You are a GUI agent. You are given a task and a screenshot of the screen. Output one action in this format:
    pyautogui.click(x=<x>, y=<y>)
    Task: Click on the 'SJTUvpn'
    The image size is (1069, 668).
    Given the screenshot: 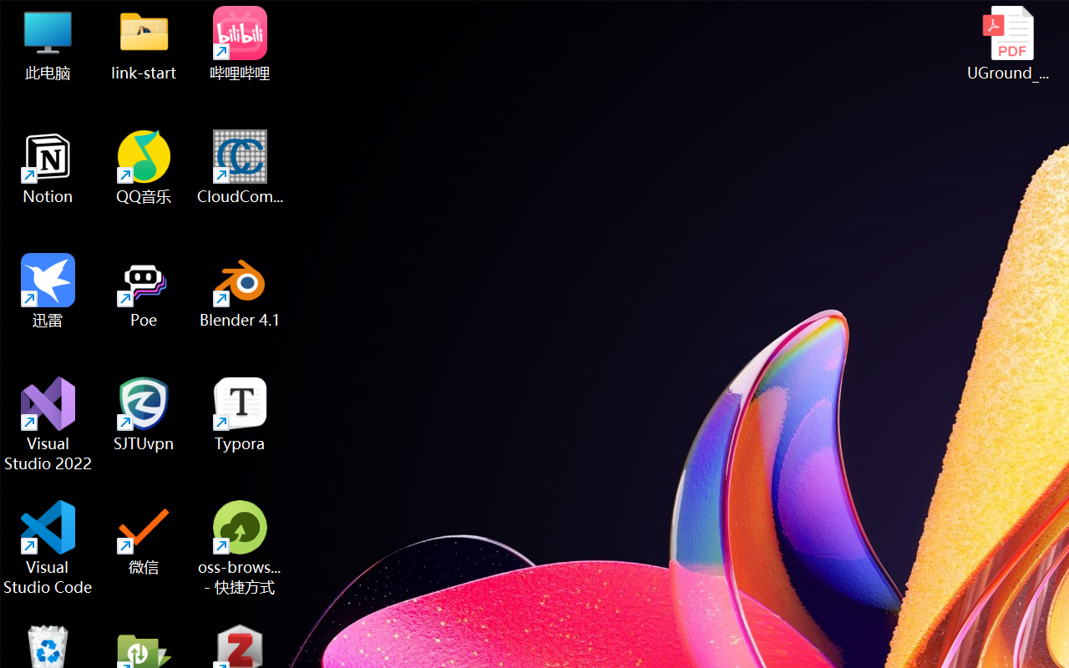 What is the action you would take?
    pyautogui.click(x=144, y=414)
    